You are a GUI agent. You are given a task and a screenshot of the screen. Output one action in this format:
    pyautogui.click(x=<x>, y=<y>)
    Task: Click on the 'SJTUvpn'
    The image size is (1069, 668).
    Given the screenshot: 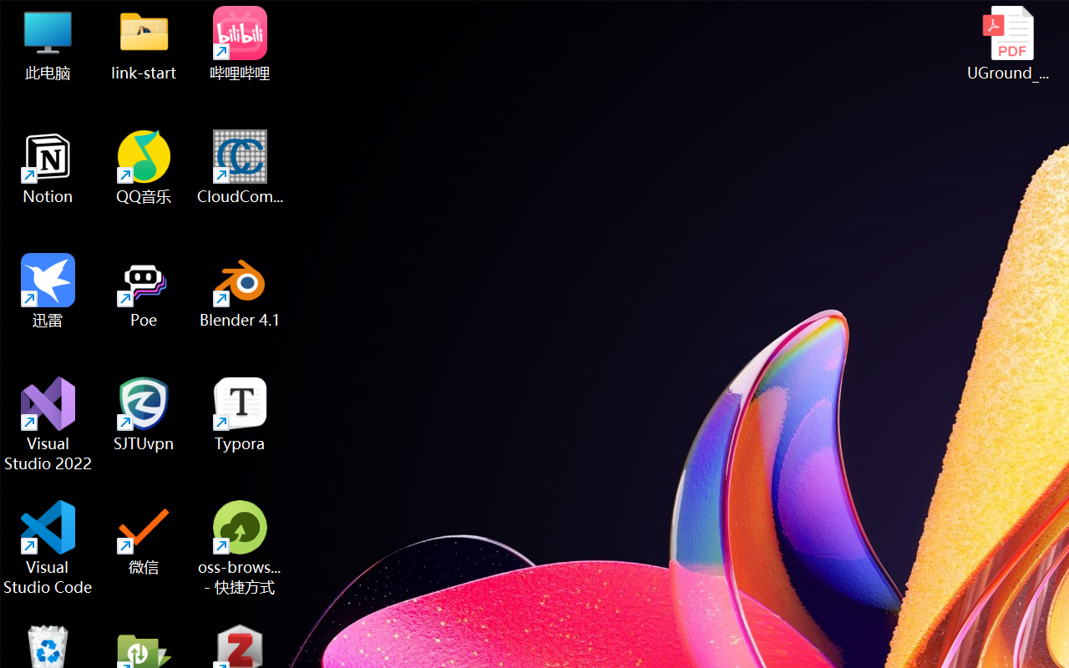 What is the action you would take?
    pyautogui.click(x=144, y=414)
    